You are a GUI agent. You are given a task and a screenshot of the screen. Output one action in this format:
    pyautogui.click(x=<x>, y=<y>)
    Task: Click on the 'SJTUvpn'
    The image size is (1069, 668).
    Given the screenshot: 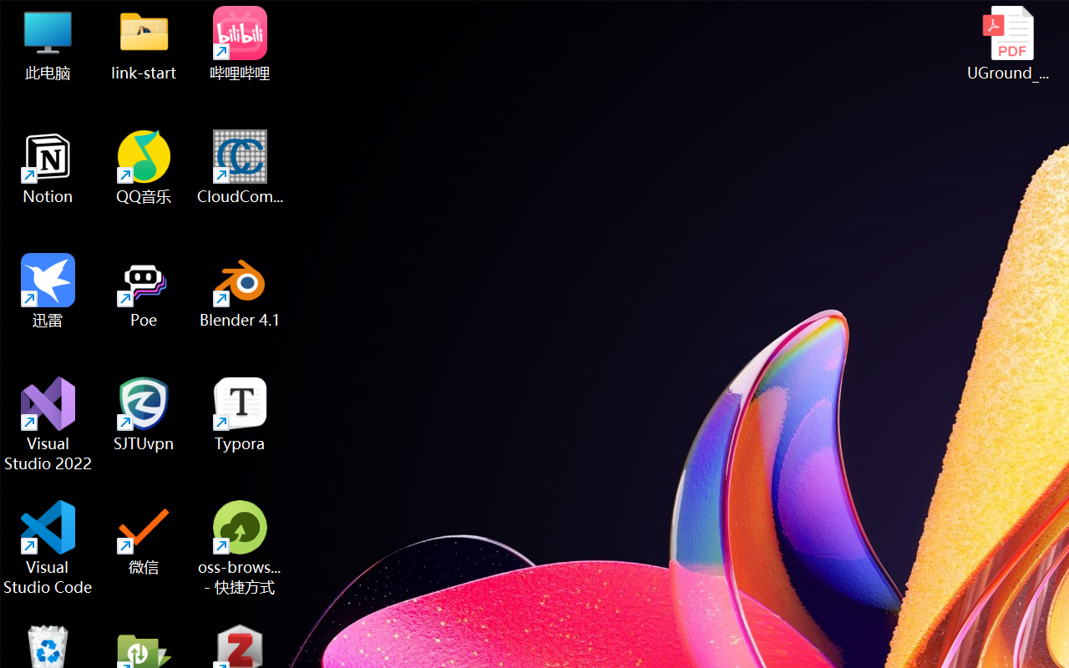 What is the action you would take?
    pyautogui.click(x=144, y=414)
    